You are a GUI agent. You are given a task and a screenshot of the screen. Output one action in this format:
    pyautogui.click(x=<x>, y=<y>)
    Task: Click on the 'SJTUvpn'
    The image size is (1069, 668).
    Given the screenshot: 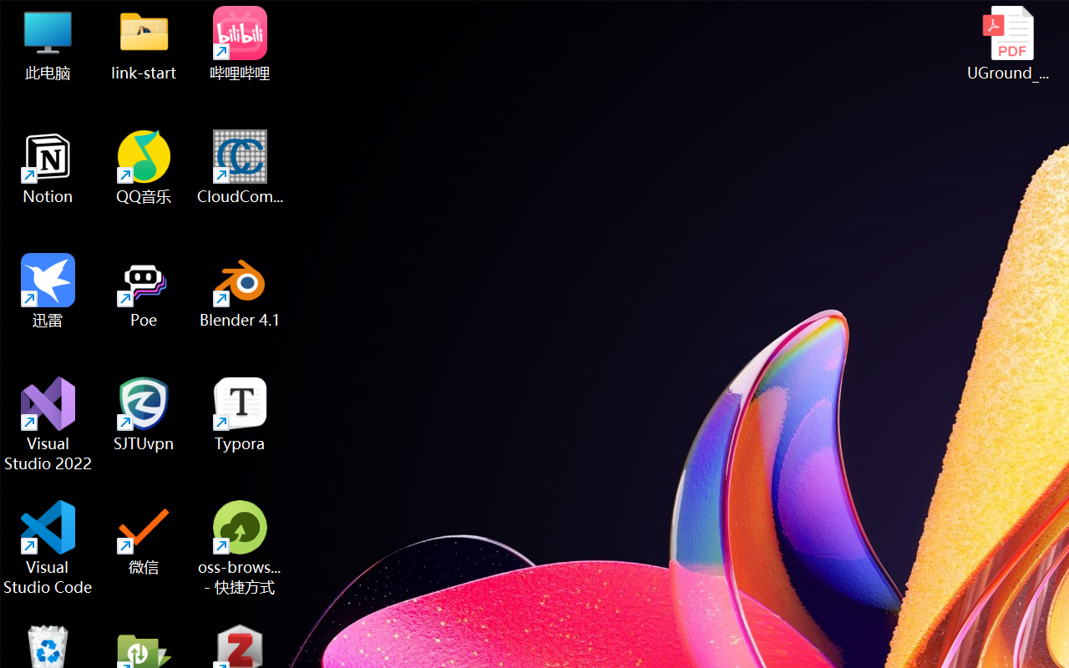 What is the action you would take?
    pyautogui.click(x=144, y=414)
    